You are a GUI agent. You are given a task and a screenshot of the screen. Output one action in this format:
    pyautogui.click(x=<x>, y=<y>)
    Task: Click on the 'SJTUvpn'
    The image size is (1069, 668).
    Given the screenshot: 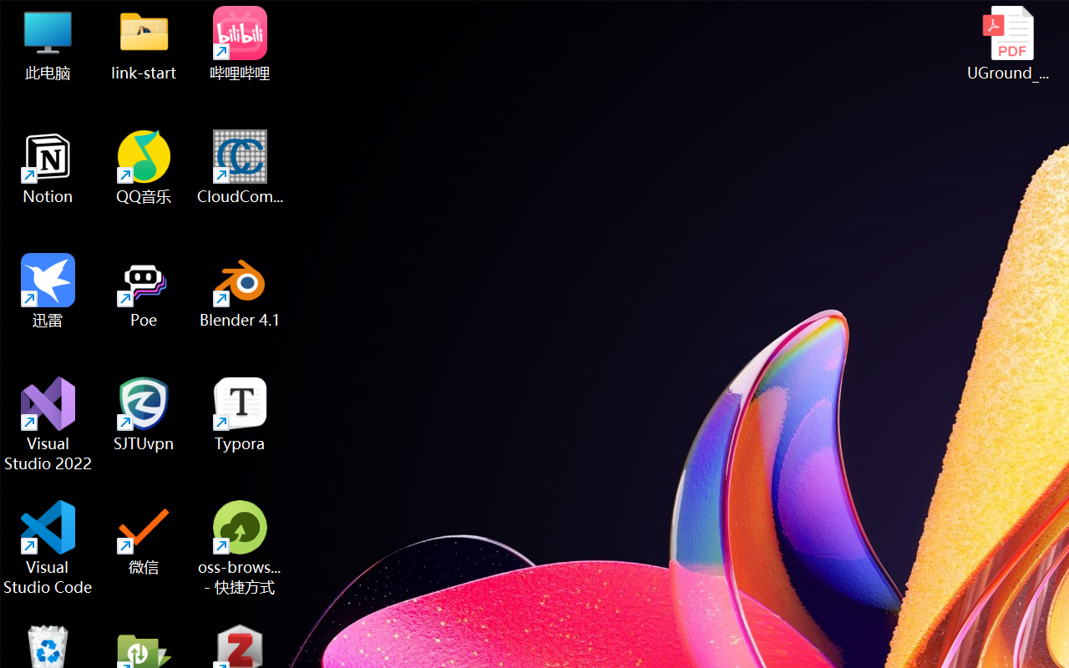 What is the action you would take?
    pyautogui.click(x=144, y=414)
    